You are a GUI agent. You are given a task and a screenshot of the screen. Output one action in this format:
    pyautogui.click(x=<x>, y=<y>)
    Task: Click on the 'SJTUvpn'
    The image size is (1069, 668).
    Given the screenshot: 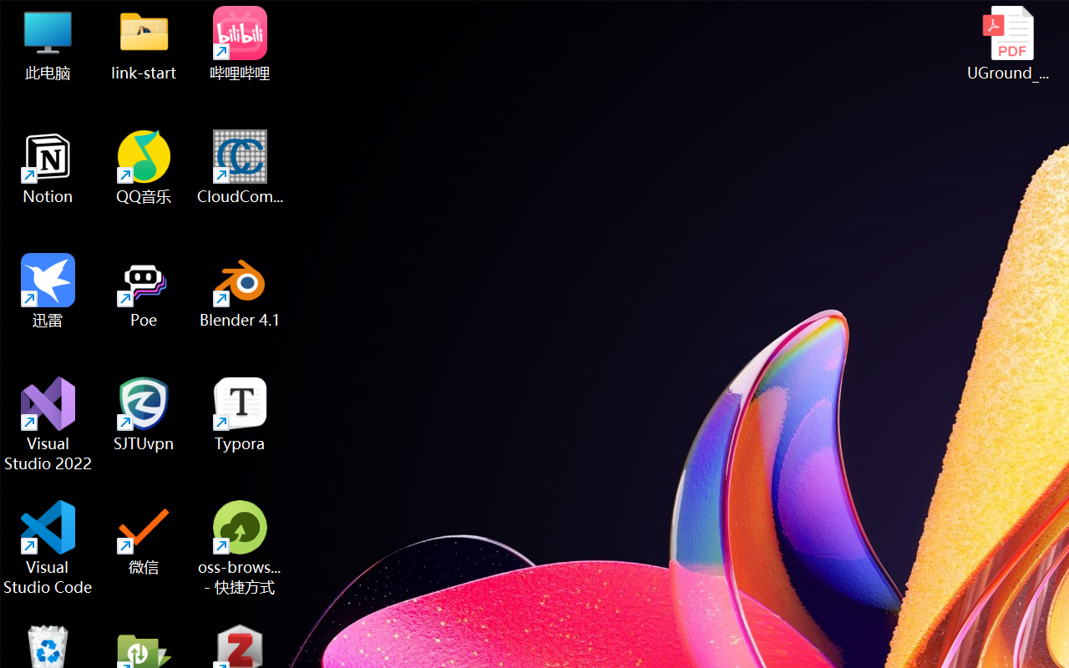 What is the action you would take?
    pyautogui.click(x=144, y=414)
    